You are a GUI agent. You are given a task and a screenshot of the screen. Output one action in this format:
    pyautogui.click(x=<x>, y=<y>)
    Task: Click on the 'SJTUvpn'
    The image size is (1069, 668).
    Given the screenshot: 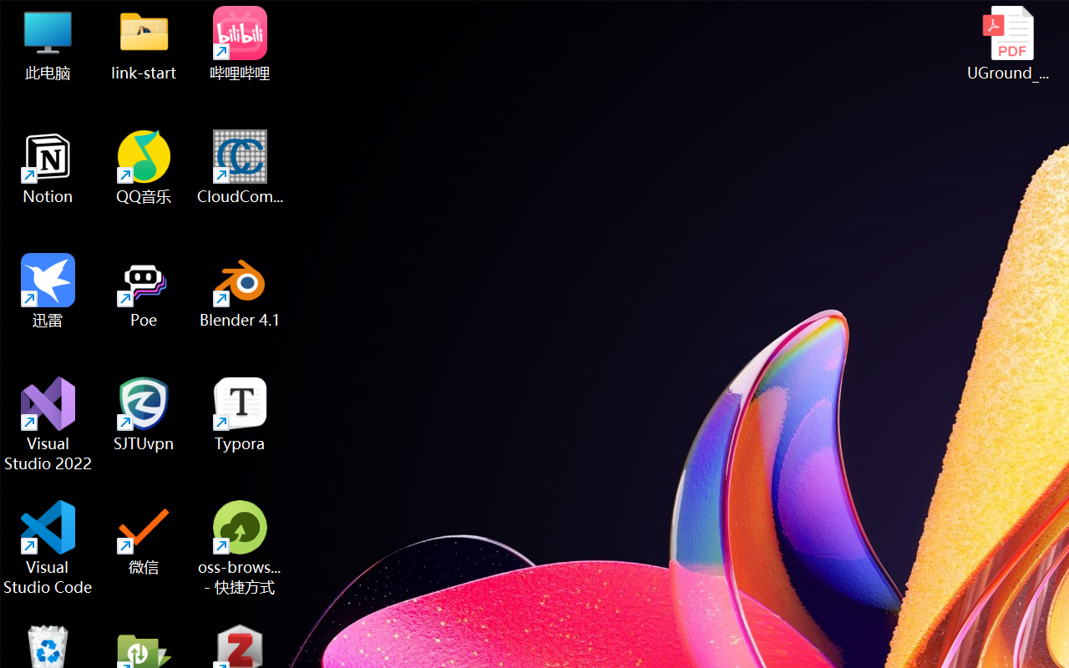 What is the action you would take?
    pyautogui.click(x=144, y=414)
    